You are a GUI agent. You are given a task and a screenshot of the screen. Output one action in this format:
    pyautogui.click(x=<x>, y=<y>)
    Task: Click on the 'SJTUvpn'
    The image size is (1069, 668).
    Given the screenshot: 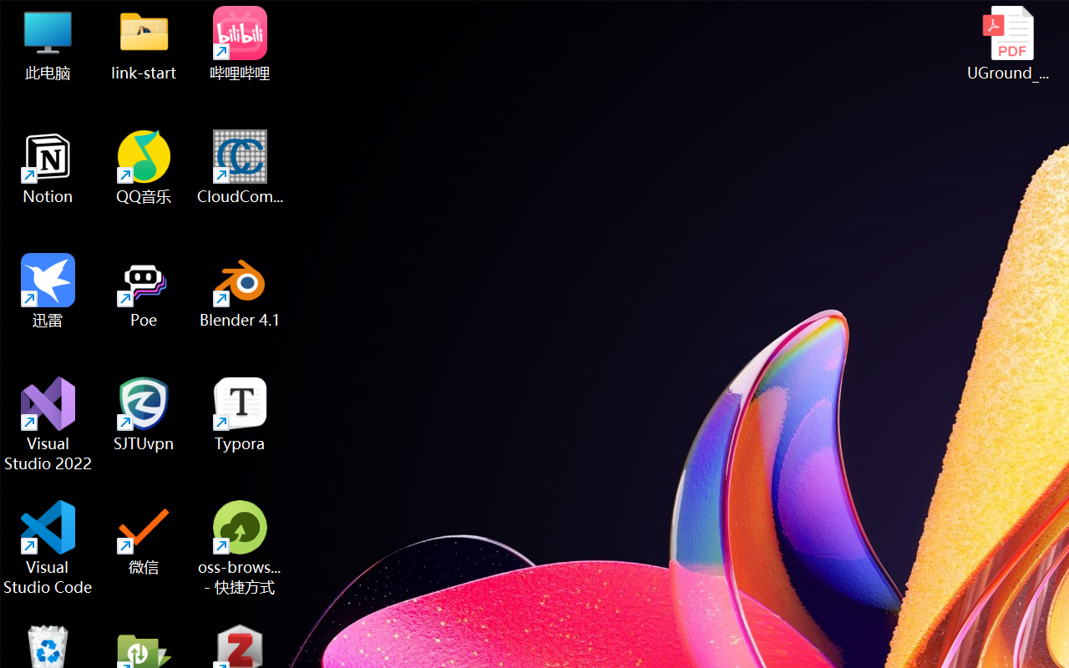 What is the action you would take?
    pyautogui.click(x=144, y=414)
    